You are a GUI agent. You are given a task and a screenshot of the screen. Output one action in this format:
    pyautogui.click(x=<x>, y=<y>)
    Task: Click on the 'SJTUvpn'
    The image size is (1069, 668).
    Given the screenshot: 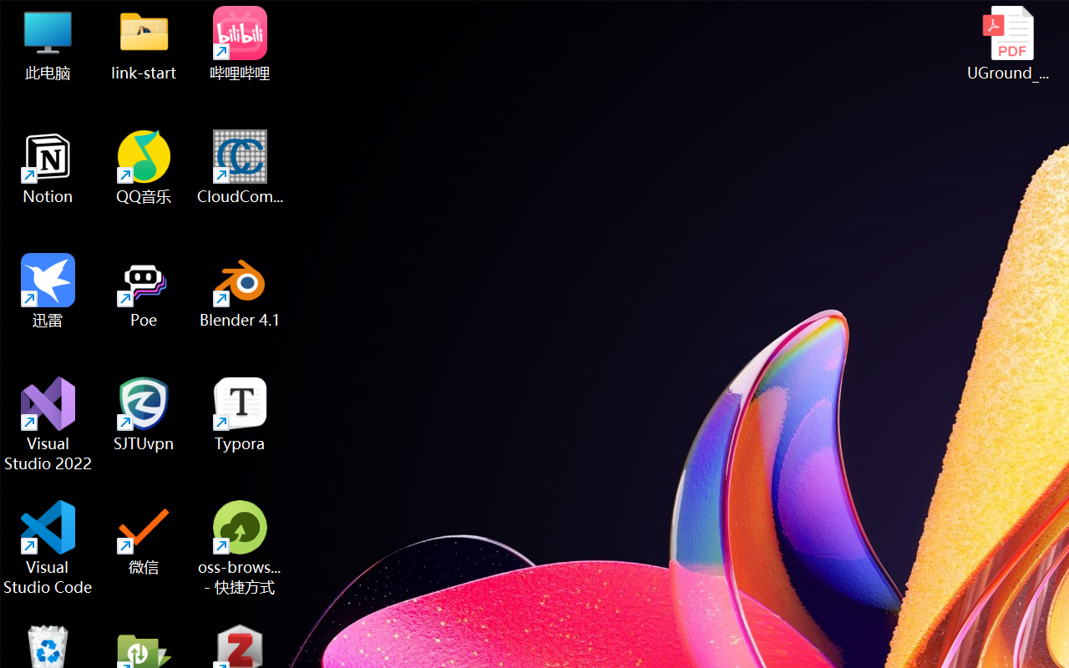 What is the action you would take?
    pyautogui.click(x=144, y=414)
    